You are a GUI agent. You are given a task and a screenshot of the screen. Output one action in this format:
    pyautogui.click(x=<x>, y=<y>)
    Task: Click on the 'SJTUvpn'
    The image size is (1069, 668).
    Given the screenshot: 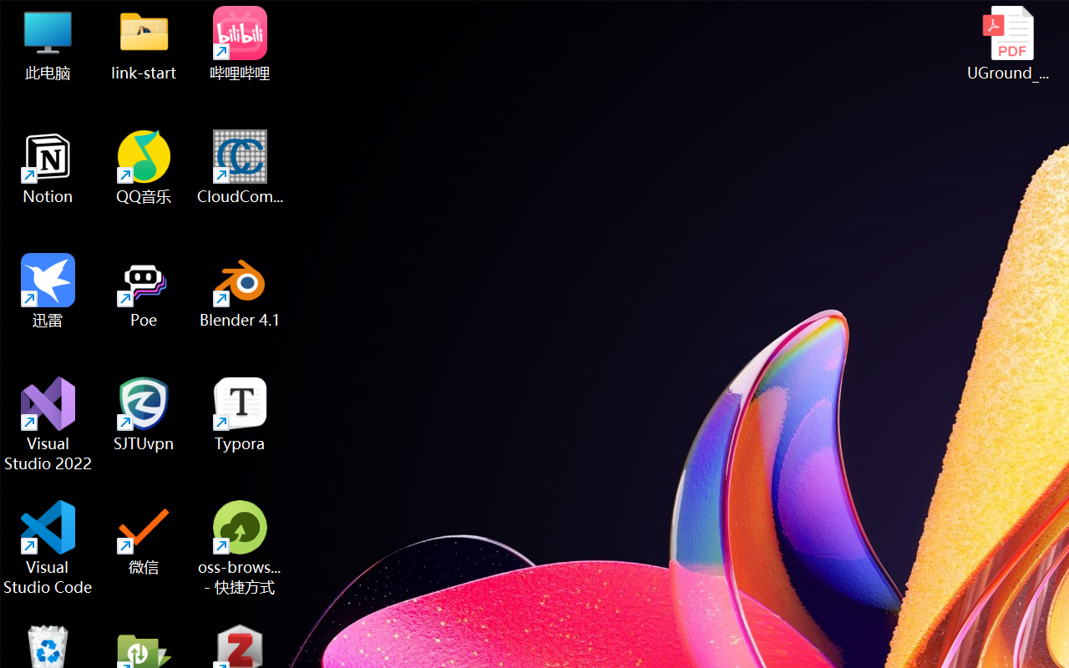 What is the action you would take?
    pyautogui.click(x=144, y=414)
    